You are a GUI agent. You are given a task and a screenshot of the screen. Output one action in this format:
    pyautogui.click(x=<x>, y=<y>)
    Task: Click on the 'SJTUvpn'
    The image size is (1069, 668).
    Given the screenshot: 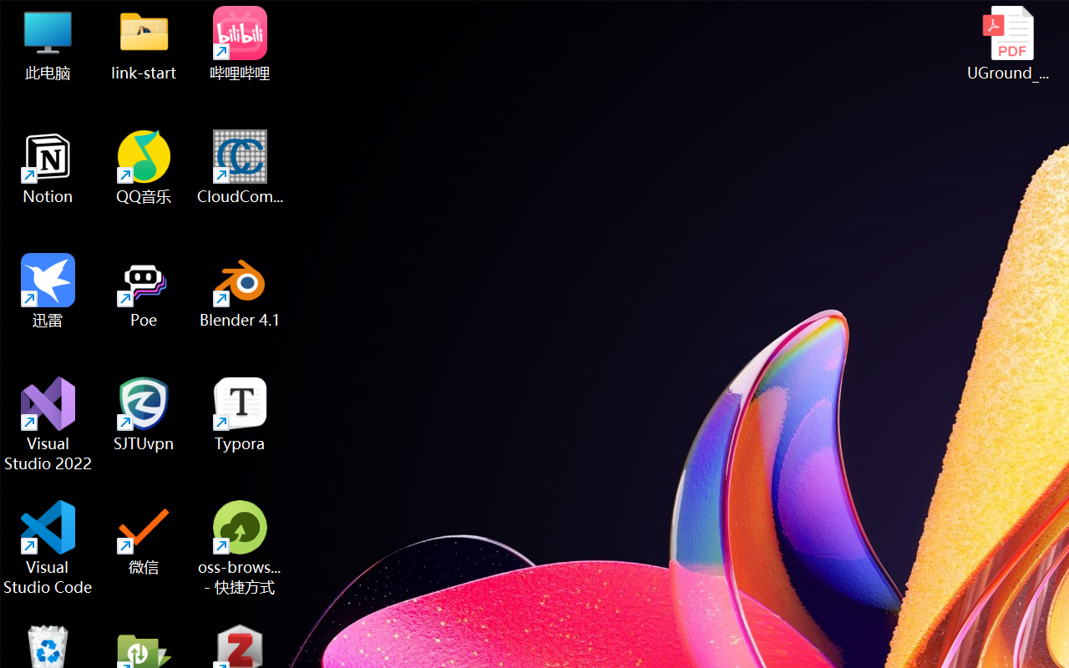 What is the action you would take?
    pyautogui.click(x=144, y=414)
    